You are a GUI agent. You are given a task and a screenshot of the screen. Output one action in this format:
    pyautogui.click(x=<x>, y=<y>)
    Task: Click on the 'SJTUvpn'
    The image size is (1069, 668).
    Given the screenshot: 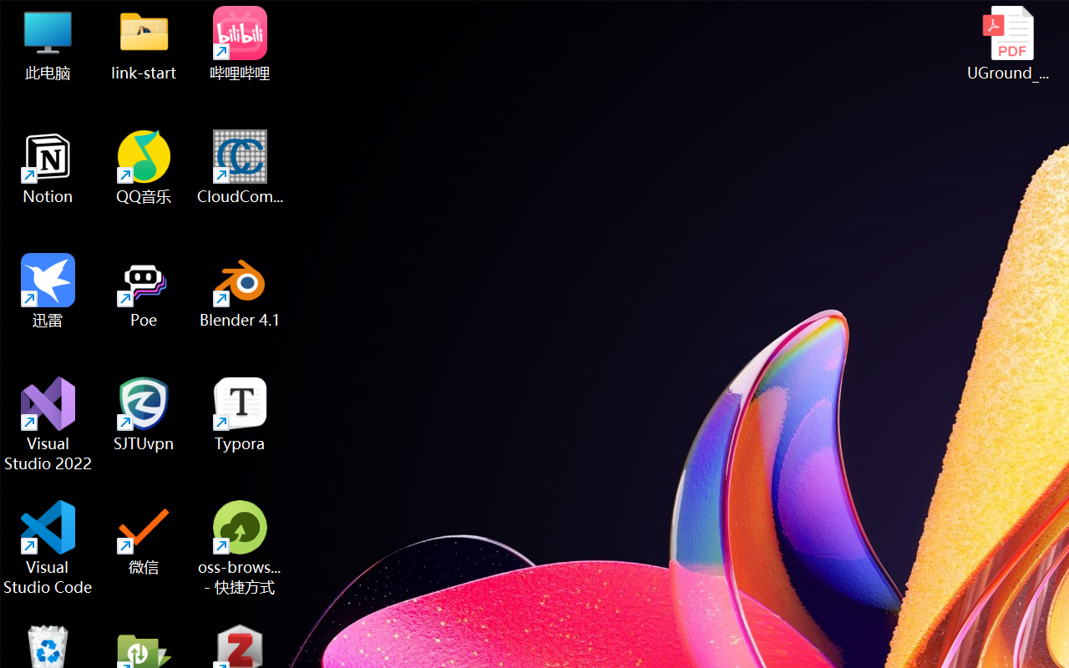 What is the action you would take?
    pyautogui.click(x=144, y=414)
    